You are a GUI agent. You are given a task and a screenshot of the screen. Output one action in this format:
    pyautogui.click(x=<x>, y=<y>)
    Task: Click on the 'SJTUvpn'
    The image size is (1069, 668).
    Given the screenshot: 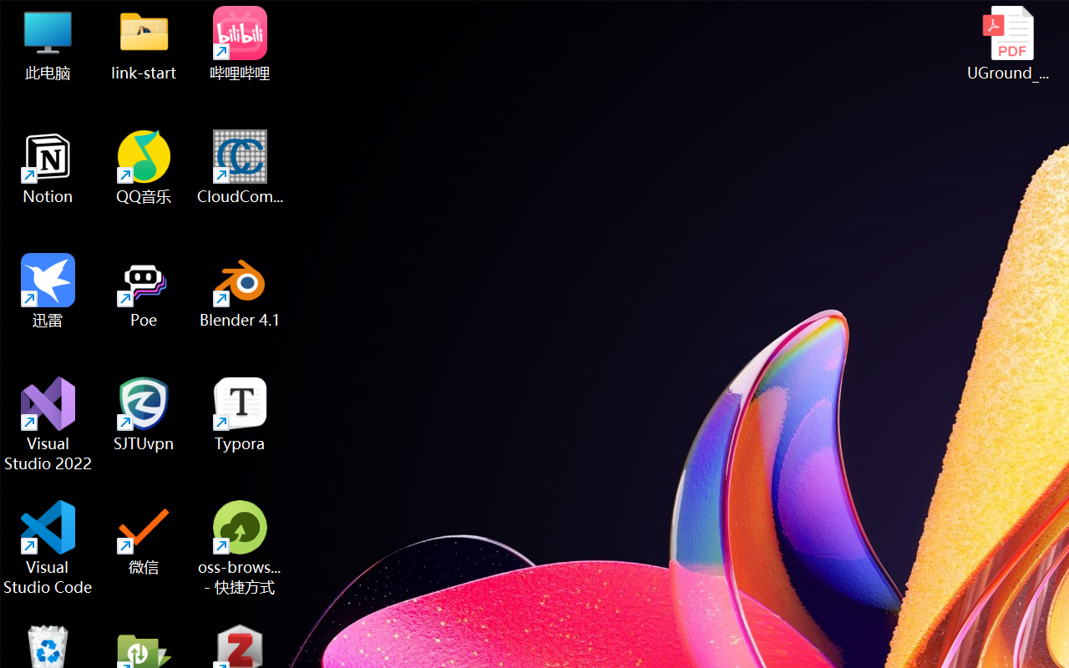 What is the action you would take?
    pyautogui.click(x=144, y=414)
    